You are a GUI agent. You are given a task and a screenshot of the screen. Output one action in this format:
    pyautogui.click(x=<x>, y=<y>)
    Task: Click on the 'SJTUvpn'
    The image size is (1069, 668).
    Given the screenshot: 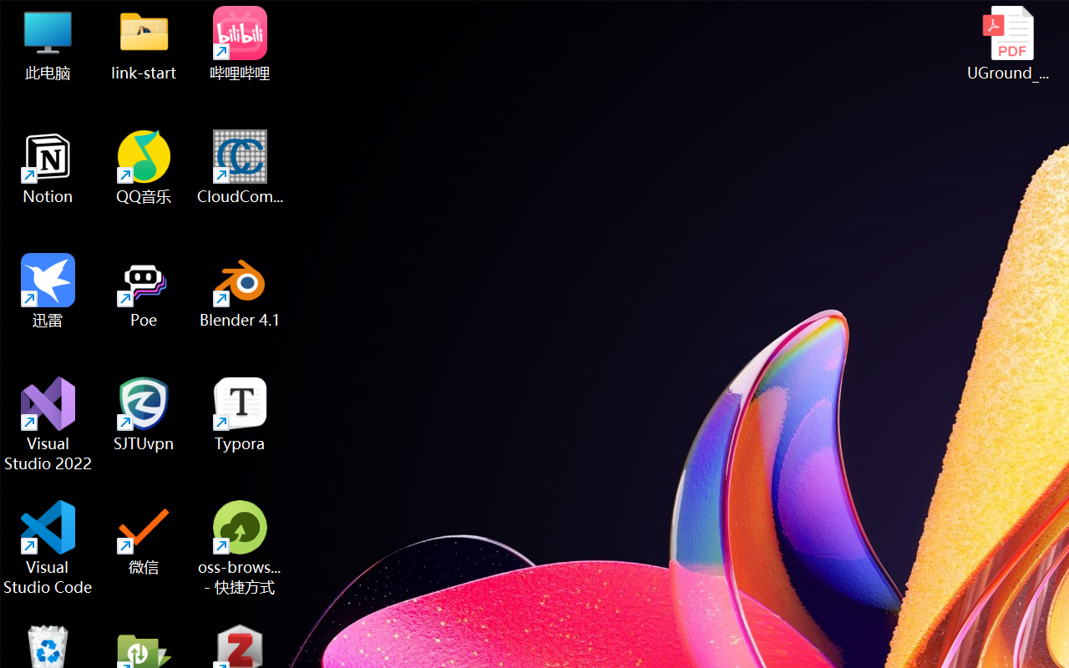 What is the action you would take?
    pyautogui.click(x=144, y=414)
    